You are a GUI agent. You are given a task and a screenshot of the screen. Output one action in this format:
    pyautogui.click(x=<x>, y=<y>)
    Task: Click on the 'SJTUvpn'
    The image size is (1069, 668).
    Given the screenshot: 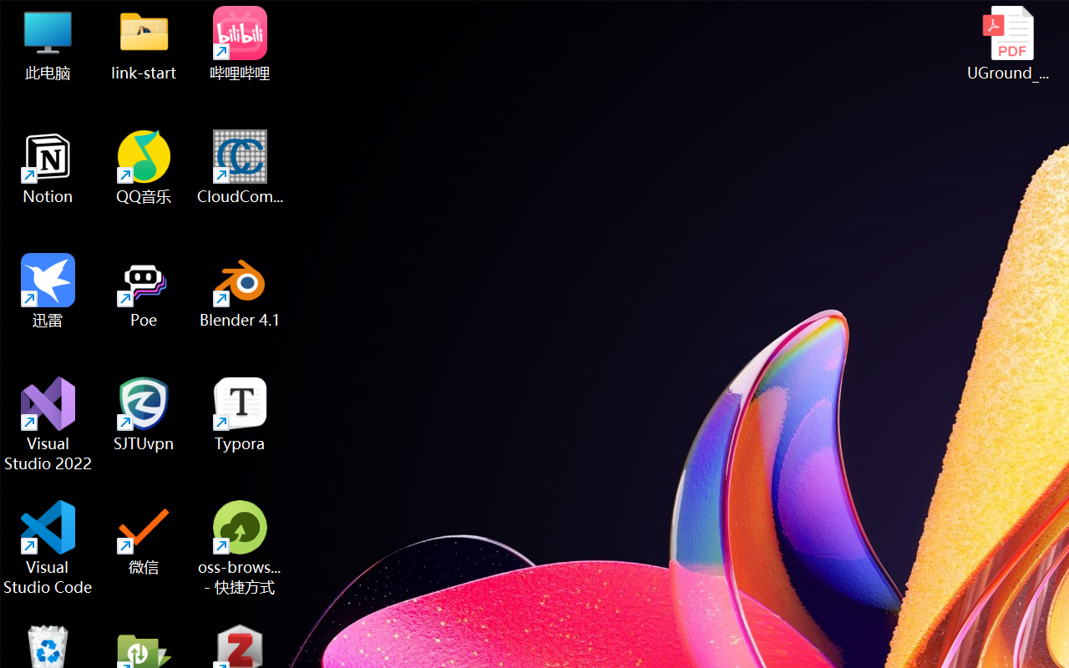 What is the action you would take?
    pyautogui.click(x=144, y=414)
    